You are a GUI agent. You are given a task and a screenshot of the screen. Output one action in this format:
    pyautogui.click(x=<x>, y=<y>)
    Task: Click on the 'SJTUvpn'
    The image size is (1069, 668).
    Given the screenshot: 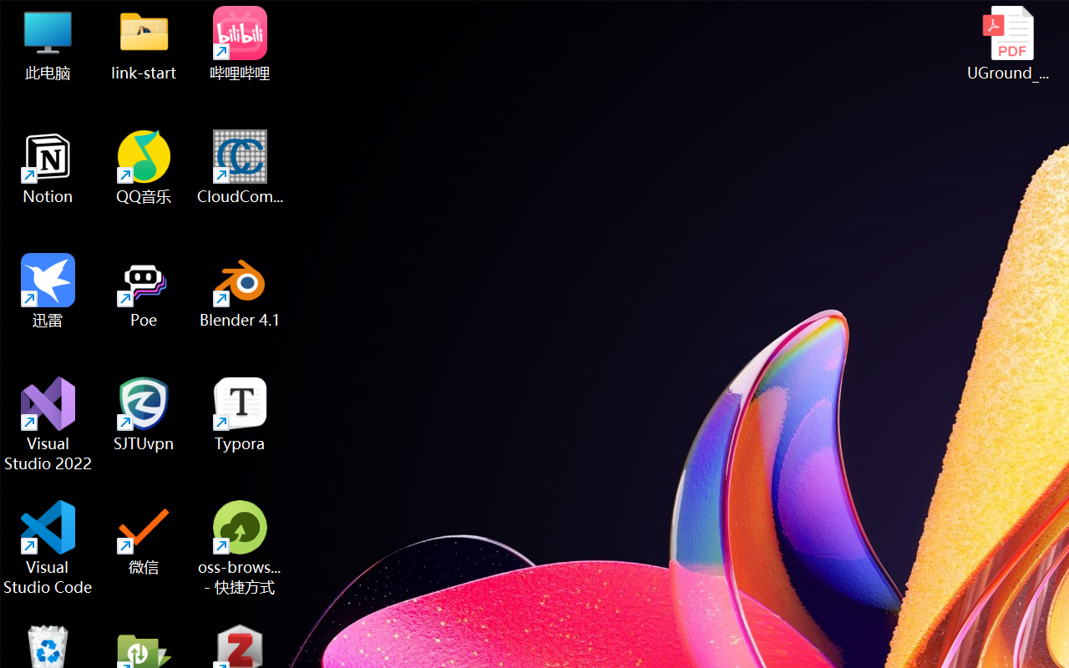 What is the action you would take?
    pyautogui.click(x=144, y=414)
    